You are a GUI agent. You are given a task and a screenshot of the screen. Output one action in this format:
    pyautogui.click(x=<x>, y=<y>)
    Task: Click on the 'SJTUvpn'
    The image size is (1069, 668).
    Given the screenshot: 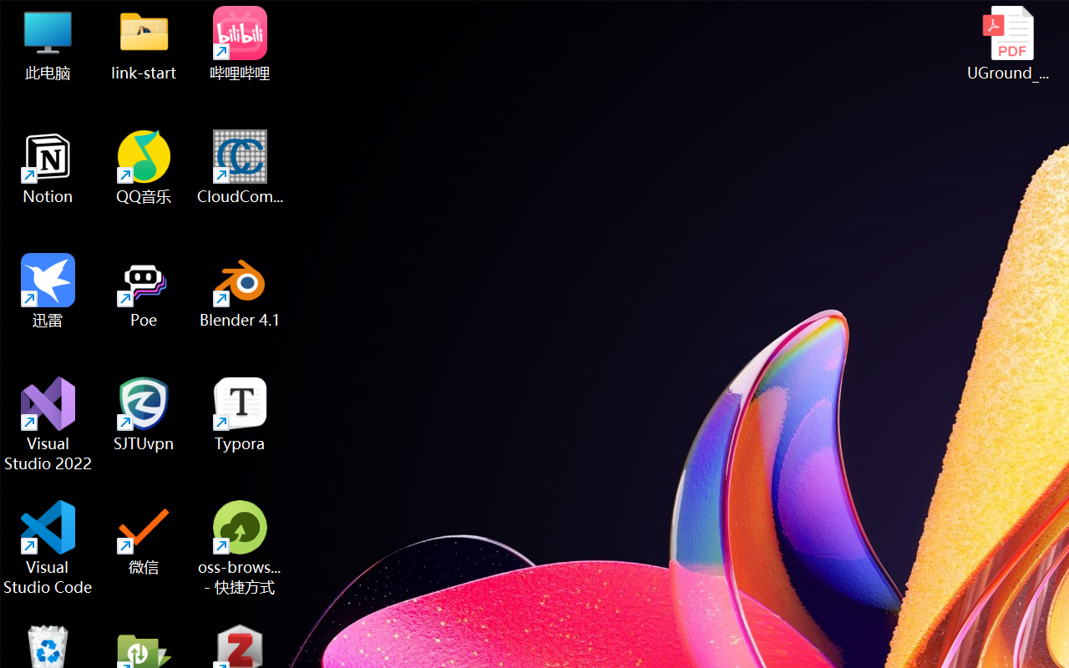 What is the action you would take?
    pyautogui.click(x=144, y=414)
    